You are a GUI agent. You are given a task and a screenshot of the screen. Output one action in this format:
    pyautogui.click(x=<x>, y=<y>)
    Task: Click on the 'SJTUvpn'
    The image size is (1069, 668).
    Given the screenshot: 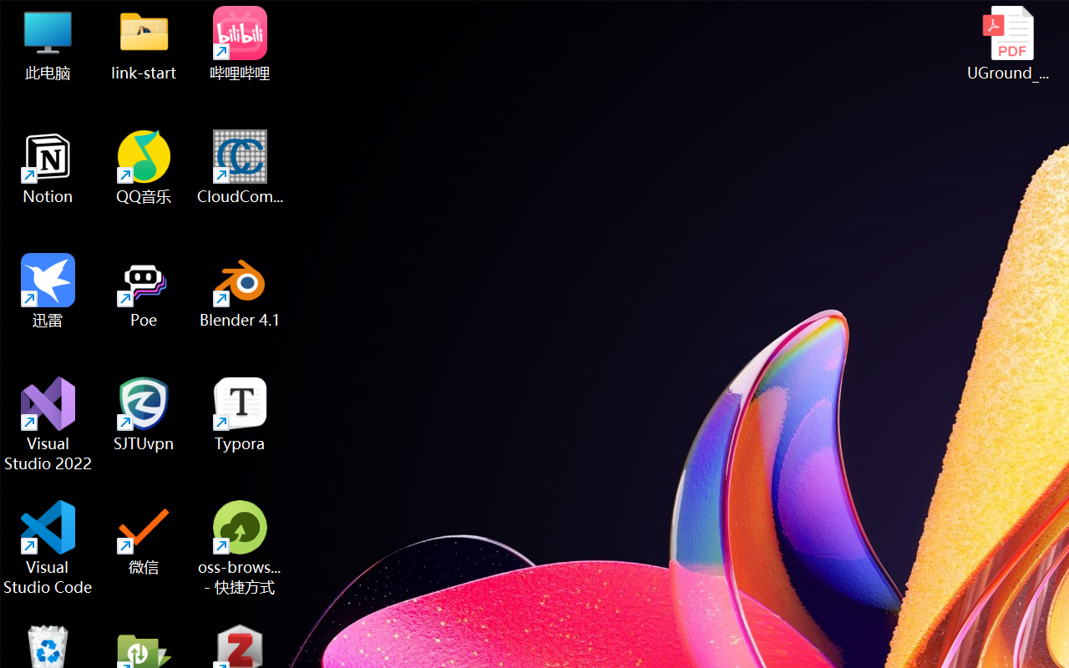 What is the action you would take?
    pyautogui.click(x=144, y=414)
    